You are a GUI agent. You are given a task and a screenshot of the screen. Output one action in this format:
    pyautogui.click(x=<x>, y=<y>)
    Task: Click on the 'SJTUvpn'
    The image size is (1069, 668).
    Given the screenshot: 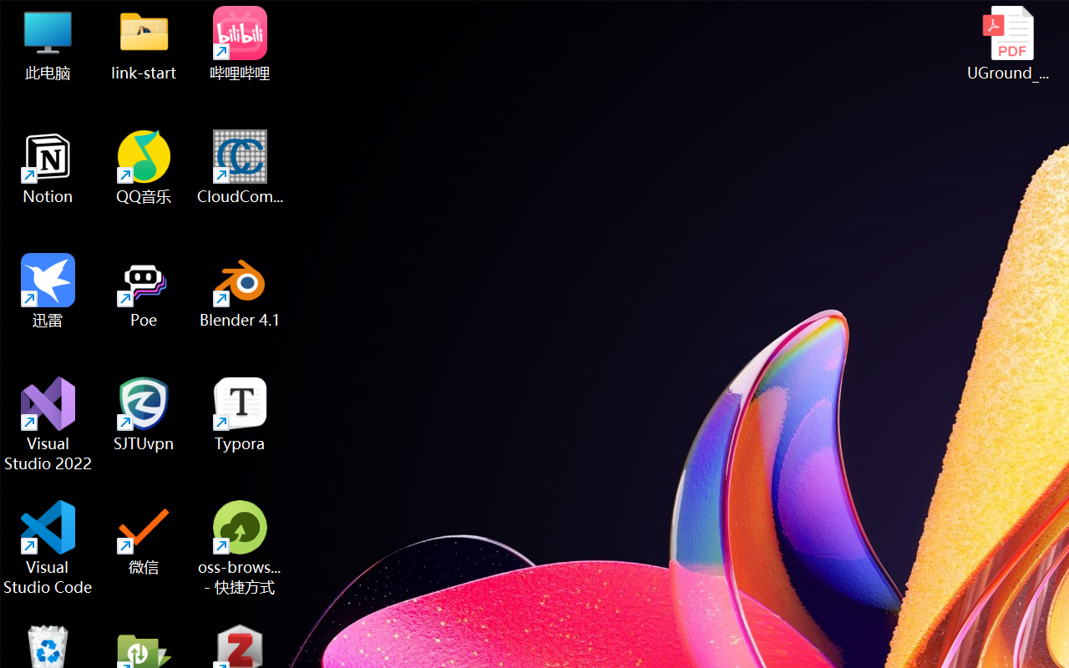 What is the action you would take?
    pyautogui.click(x=144, y=414)
    